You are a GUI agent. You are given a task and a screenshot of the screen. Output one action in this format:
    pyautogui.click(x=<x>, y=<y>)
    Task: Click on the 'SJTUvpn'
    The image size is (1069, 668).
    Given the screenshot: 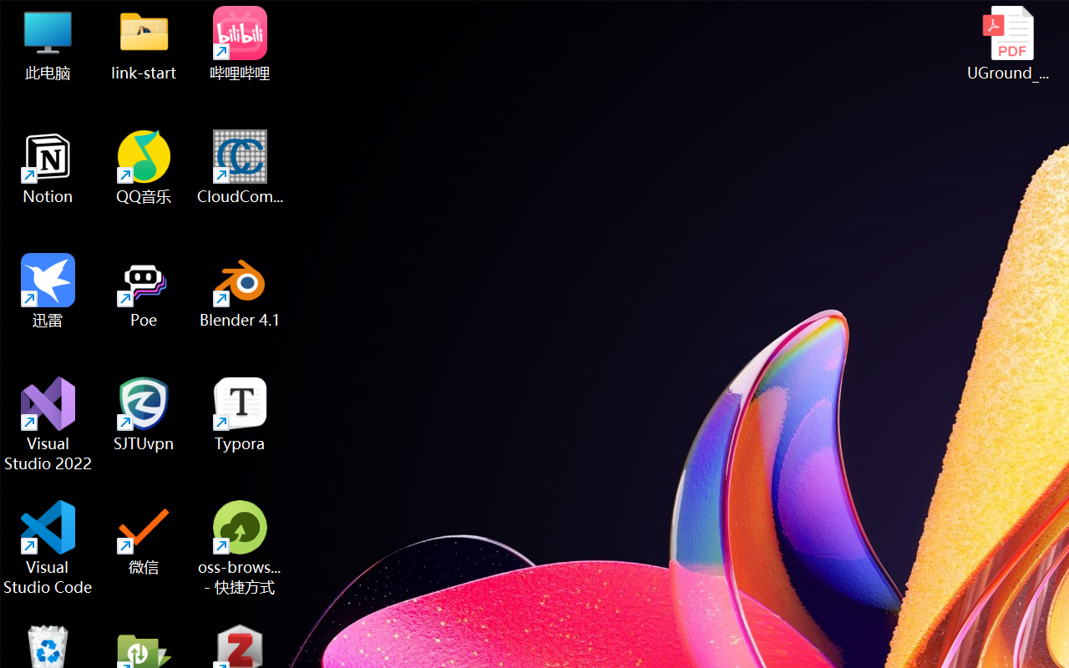 What is the action you would take?
    pyautogui.click(x=144, y=414)
    